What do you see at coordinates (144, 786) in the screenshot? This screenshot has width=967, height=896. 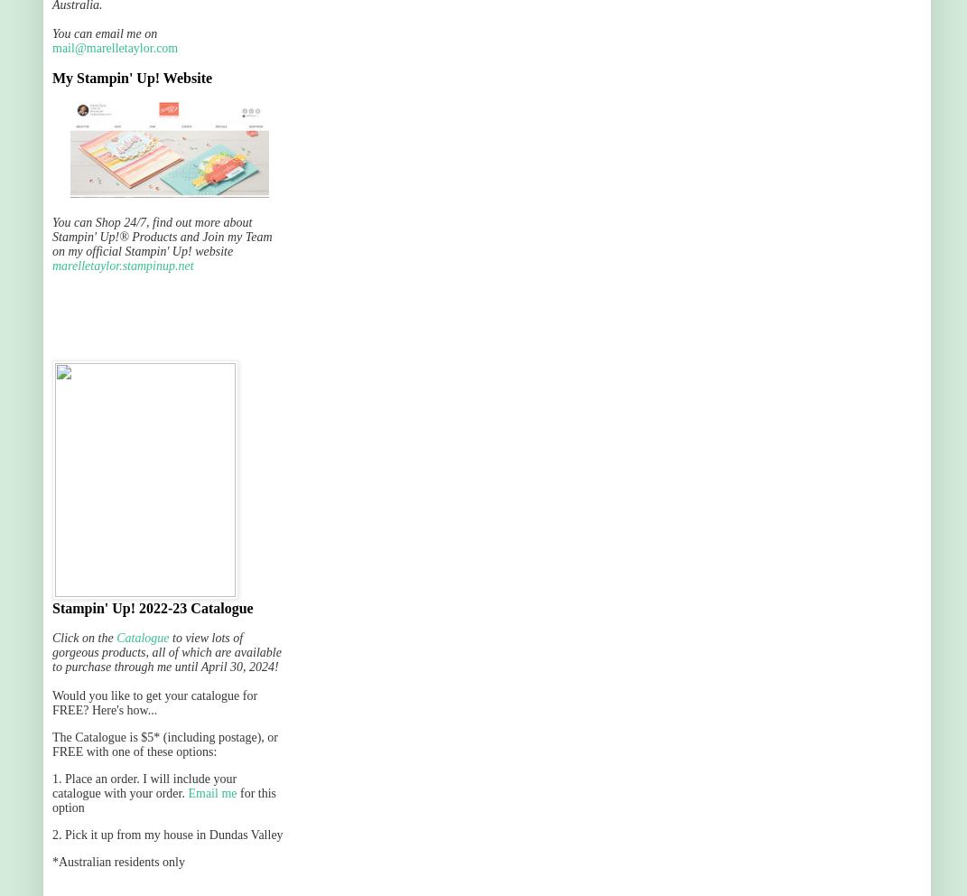 I see `'1. Place an order. I will include your catalogue with your order.'` at bounding box center [144, 786].